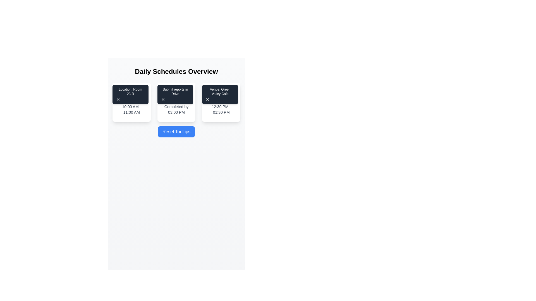 This screenshot has height=301, width=536. What do you see at coordinates (130, 94) in the screenshot?
I see `the informational badge located in the top-right corner of the calendar event card` at bounding box center [130, 94].